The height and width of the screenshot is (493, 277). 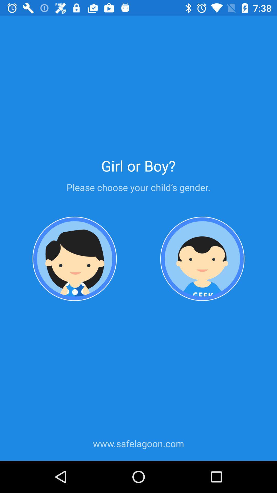 I want to click on choose female, so click(x=74, y=259).